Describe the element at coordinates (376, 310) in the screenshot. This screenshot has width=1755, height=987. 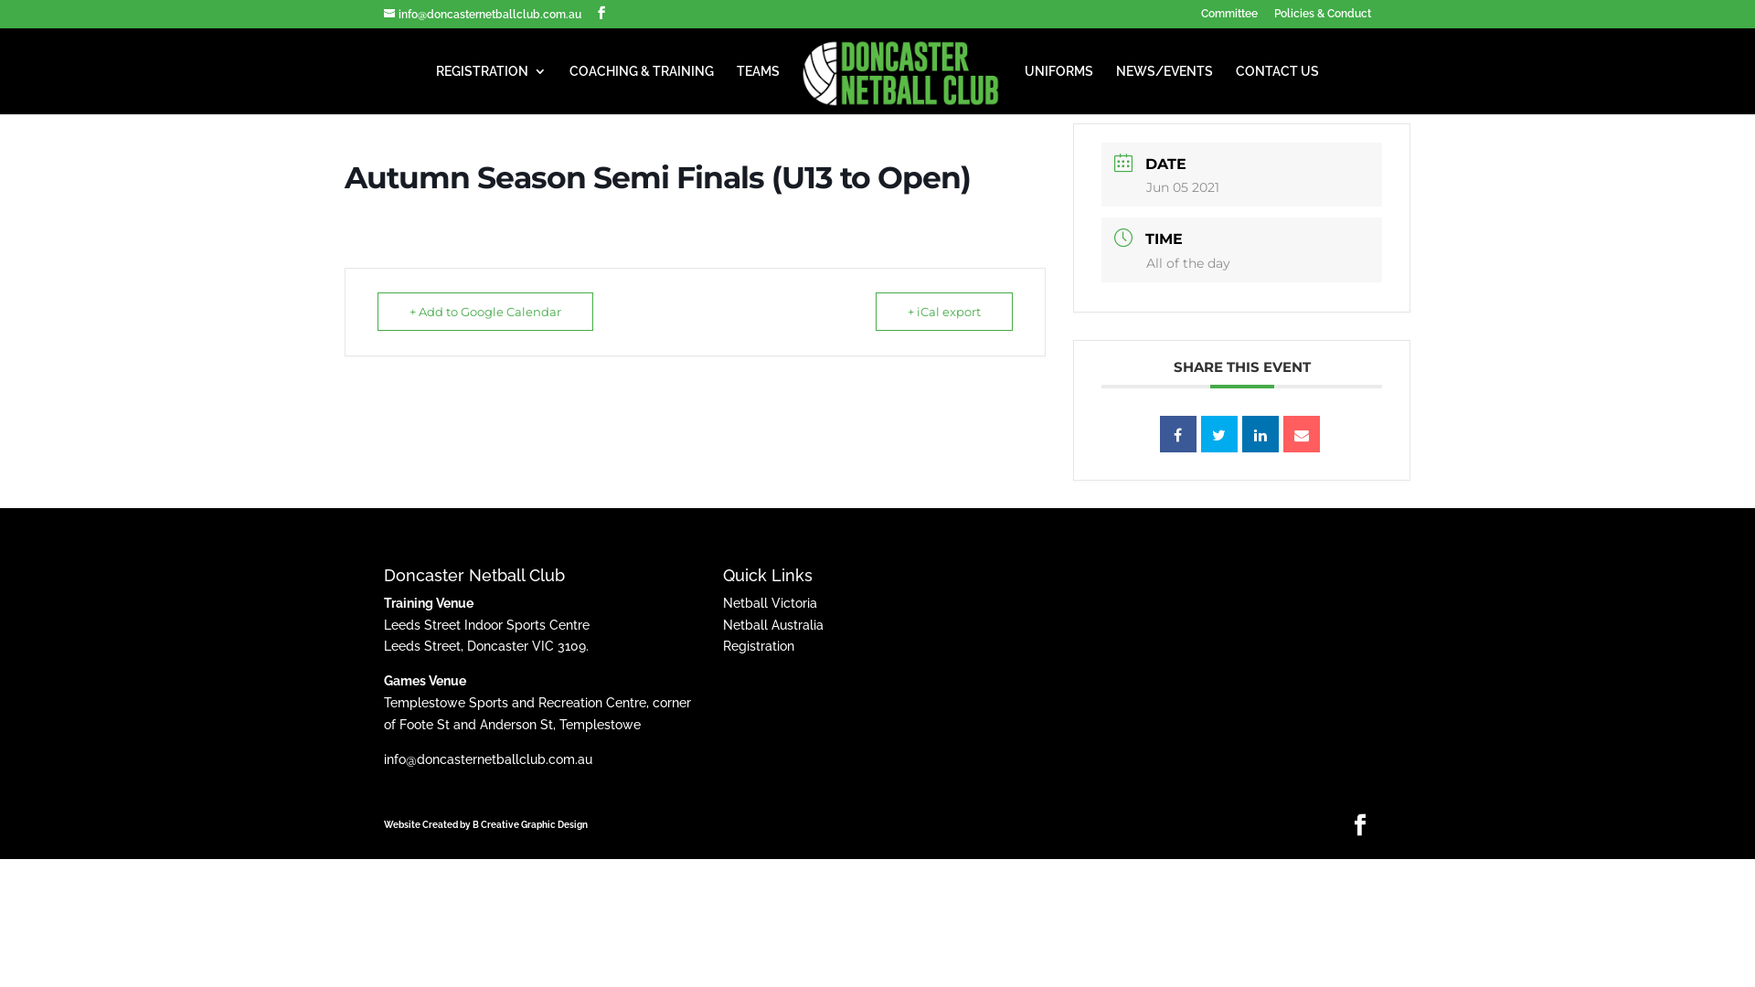
I see `'+ Add to Google Calendar'` at that location.